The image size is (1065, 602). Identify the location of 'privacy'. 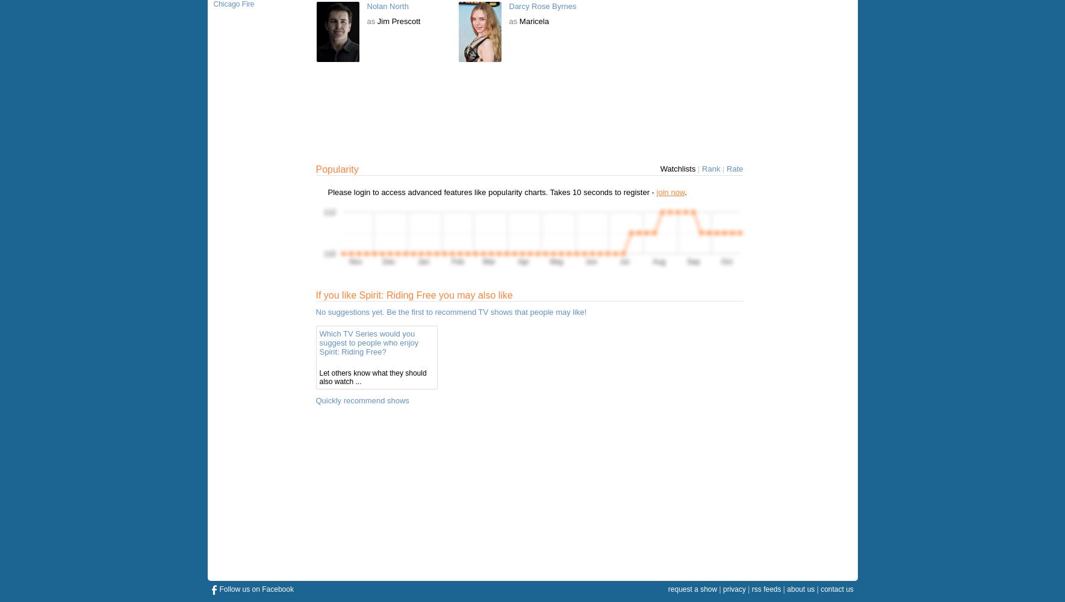
(733, 589).